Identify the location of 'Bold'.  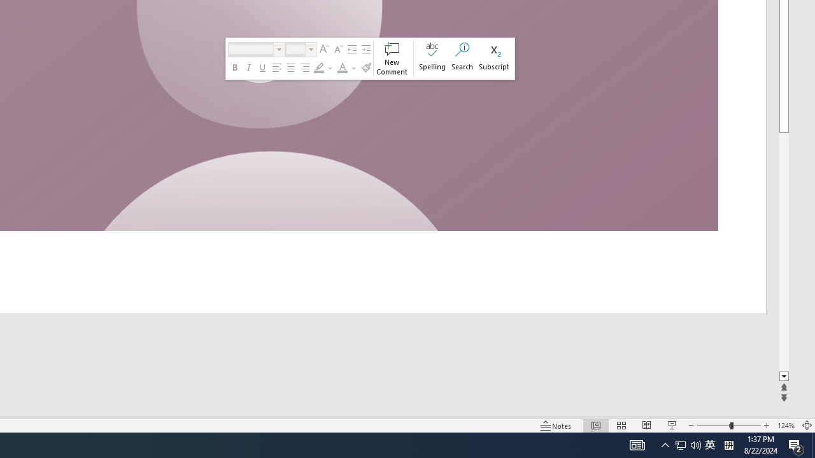
(235, 67).